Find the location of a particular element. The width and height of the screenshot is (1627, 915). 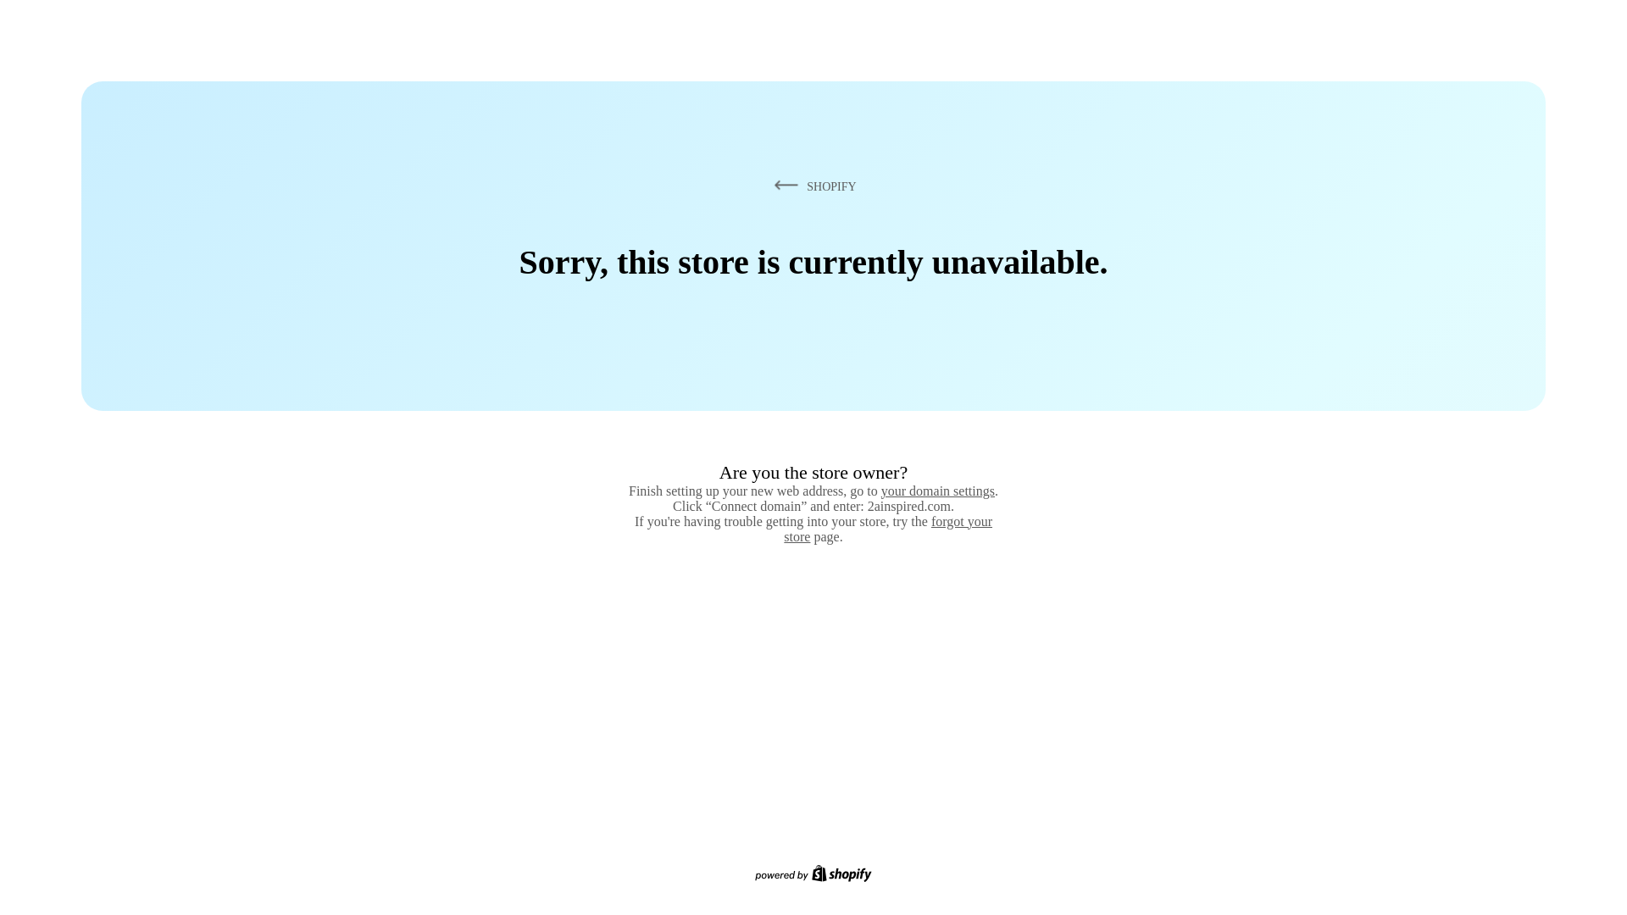

'forgot your store' is located at coordinates (783, 528).